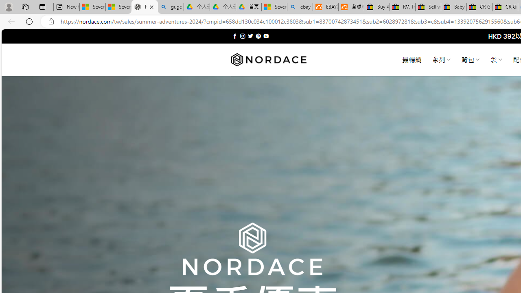 This screenshot has height=293, width=521. What do you see at coordinates (377, 7) in the screenshot?
I see `'Buy Auto Parts & Accessories | eBay'` at bounding box center [377, 7].